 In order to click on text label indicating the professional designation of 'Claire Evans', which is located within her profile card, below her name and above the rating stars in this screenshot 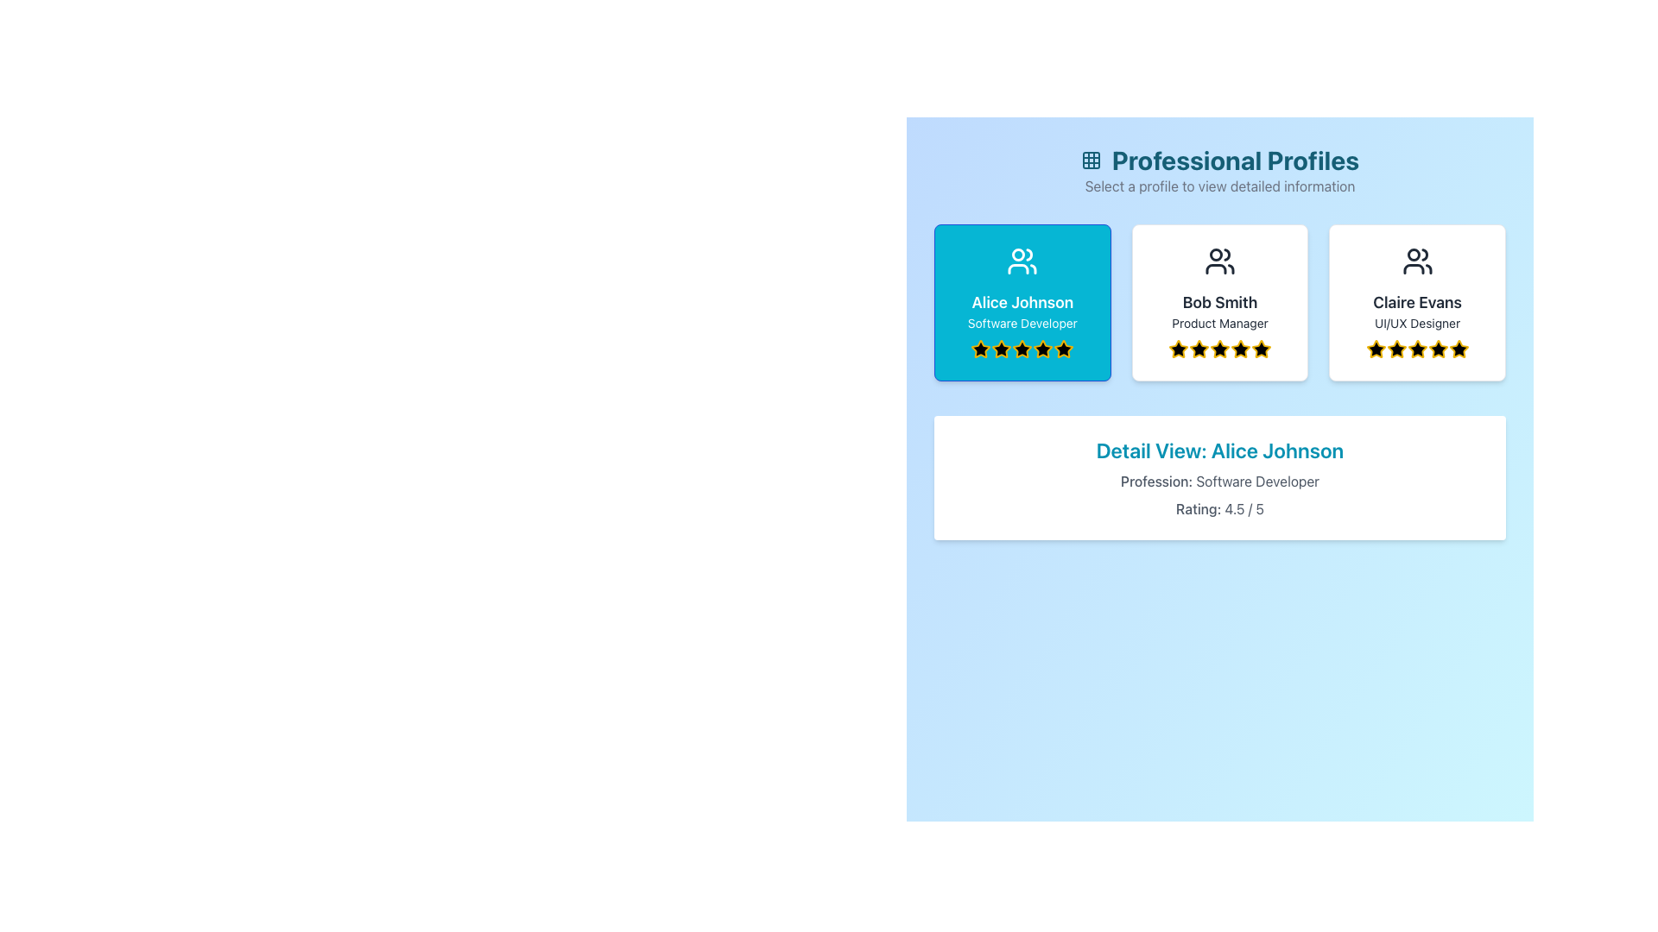, I will do `click(1417, 323)`.